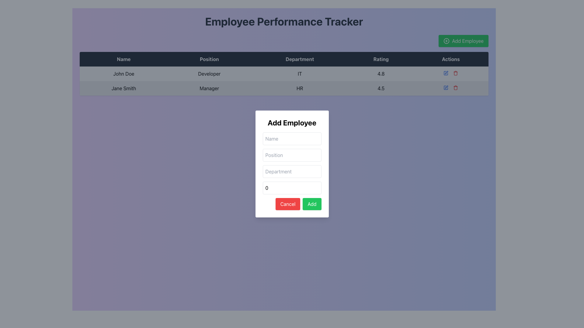  I want to click on the 'Employee Performance Tracker' title at the top of the interface, which serves for display and navigation purposes, so click(284, 21).